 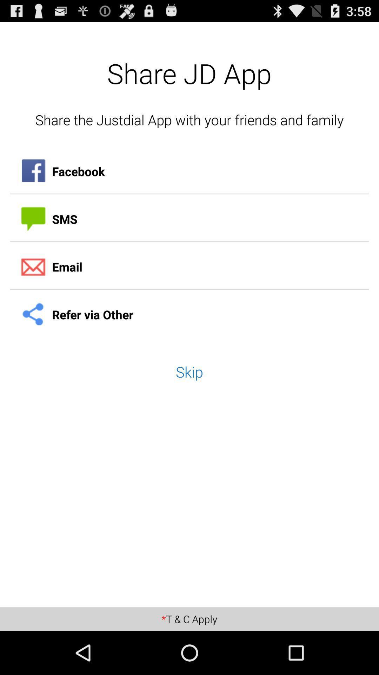 What do you see at coordinates (189, 314) in the screenshot?
I see `the app above the skip app` at bounding box center [189, 314].